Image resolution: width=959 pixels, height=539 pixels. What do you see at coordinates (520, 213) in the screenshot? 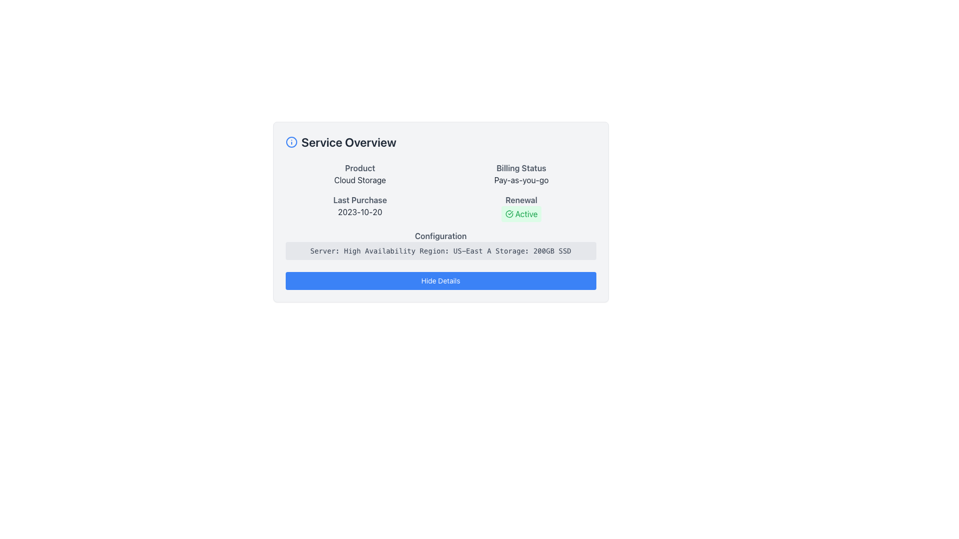
I see `the status indicator with text and icon located to the right of the 'Renewal' label in the 'Service Overview' section, which signals that the associated service or feature is active` at bounding box center [520, 213].